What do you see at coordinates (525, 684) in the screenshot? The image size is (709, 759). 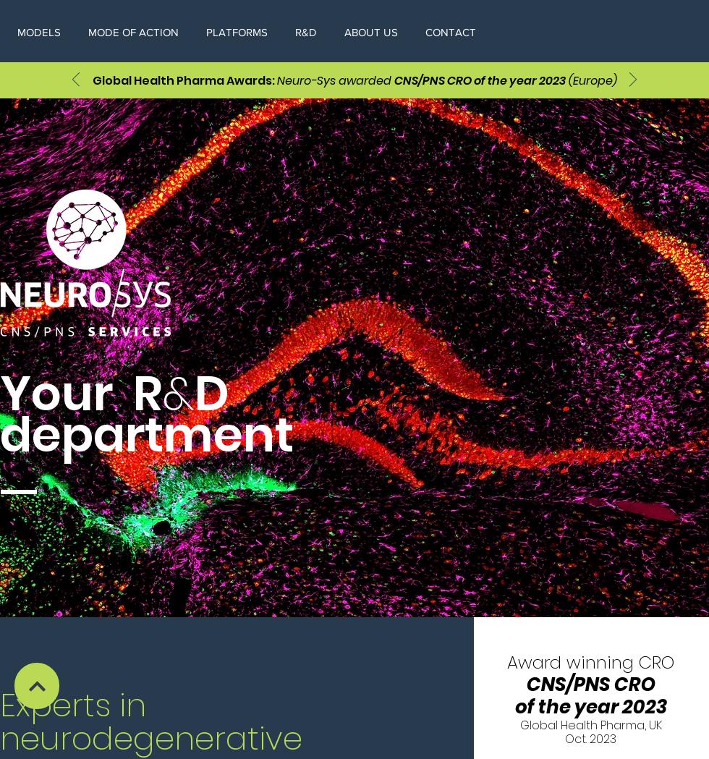 I see `'CNS/PNS CRO'` at bounding box center [525, 684].